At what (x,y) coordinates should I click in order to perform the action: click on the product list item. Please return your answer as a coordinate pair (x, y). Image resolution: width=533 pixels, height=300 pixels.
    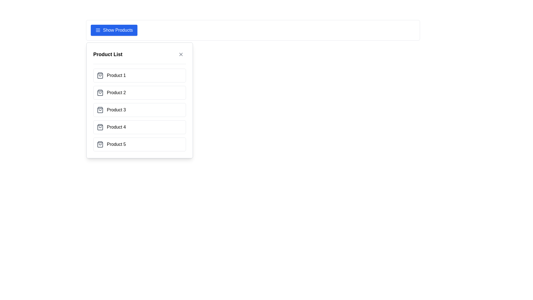
    Looking at the image, I should click on (140, 110).